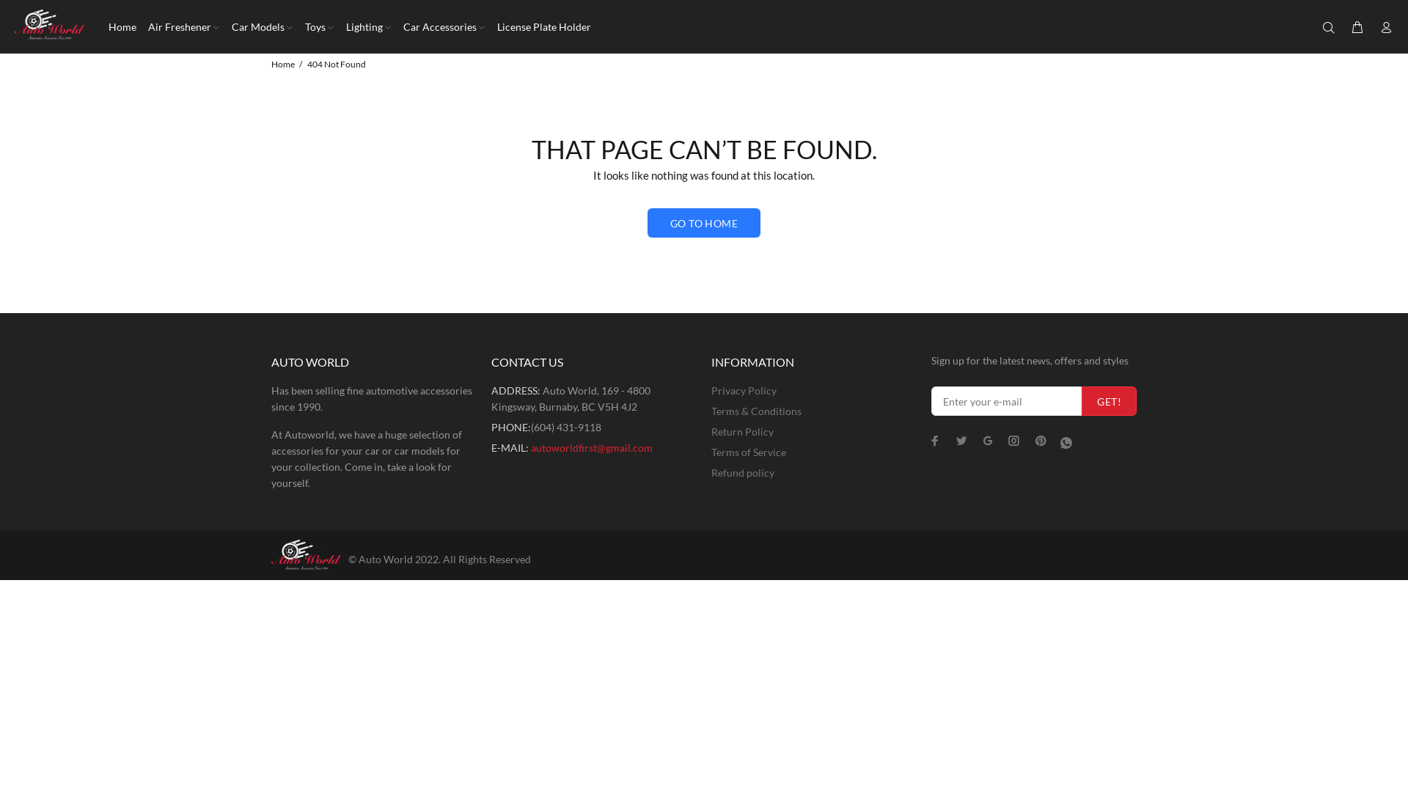 The height and width of the screenshot is (792, 1408). What do you see at coordinates (282, 63) in the screenshot?
I see `'Home'` at bounding box center [282, 63].